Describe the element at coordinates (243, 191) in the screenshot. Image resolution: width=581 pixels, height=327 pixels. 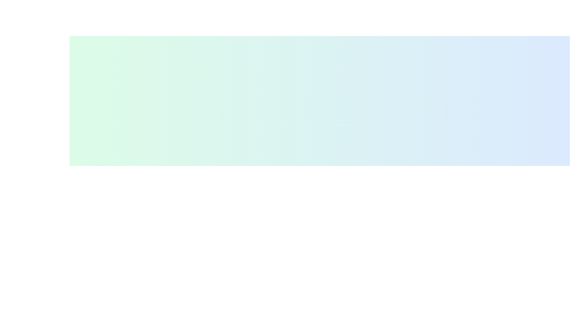
I see `the information icon to observe its behavior` at that location.